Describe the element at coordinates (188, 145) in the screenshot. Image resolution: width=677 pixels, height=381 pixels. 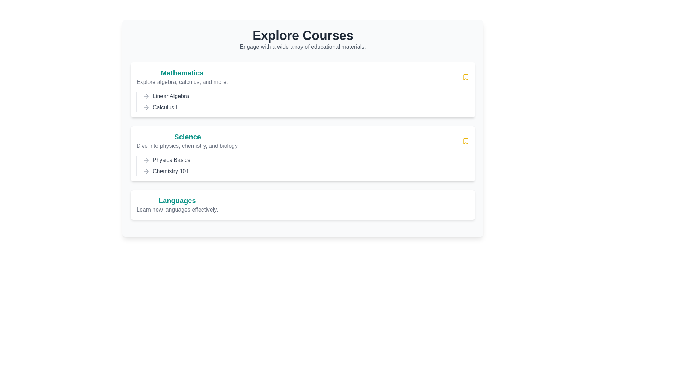
I see `the text label displaying the phrase 'Dive into physics, chemistry, and biology.' which is styled in a subtle gray color and located below the title 'Science'` at that location.